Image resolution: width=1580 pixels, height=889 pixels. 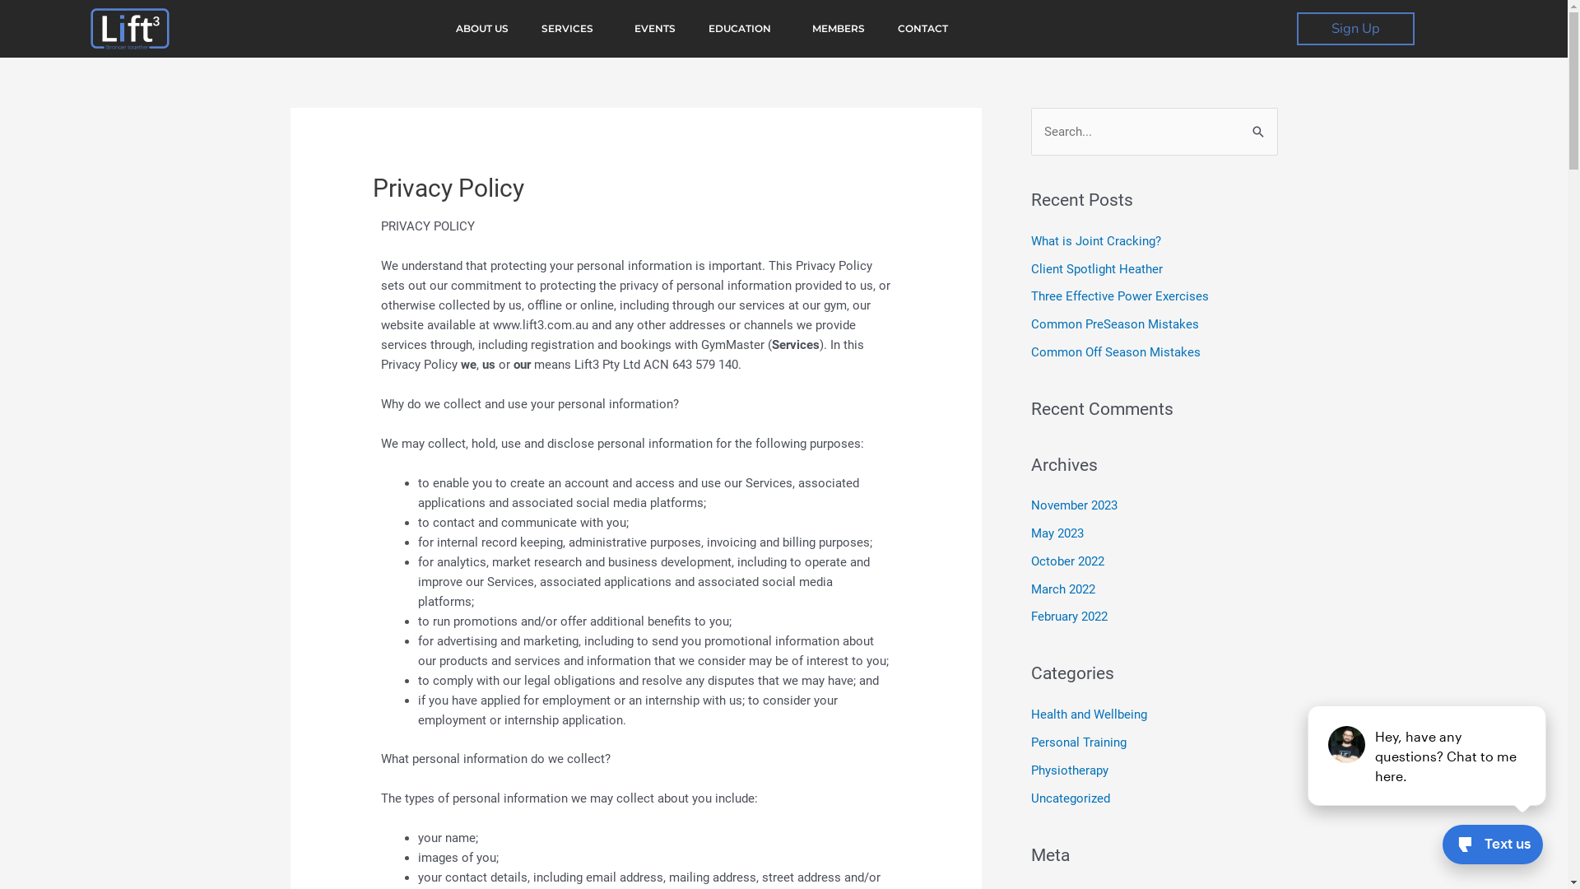 I want to click on 'EVENTS', so click(x=616, y=28).